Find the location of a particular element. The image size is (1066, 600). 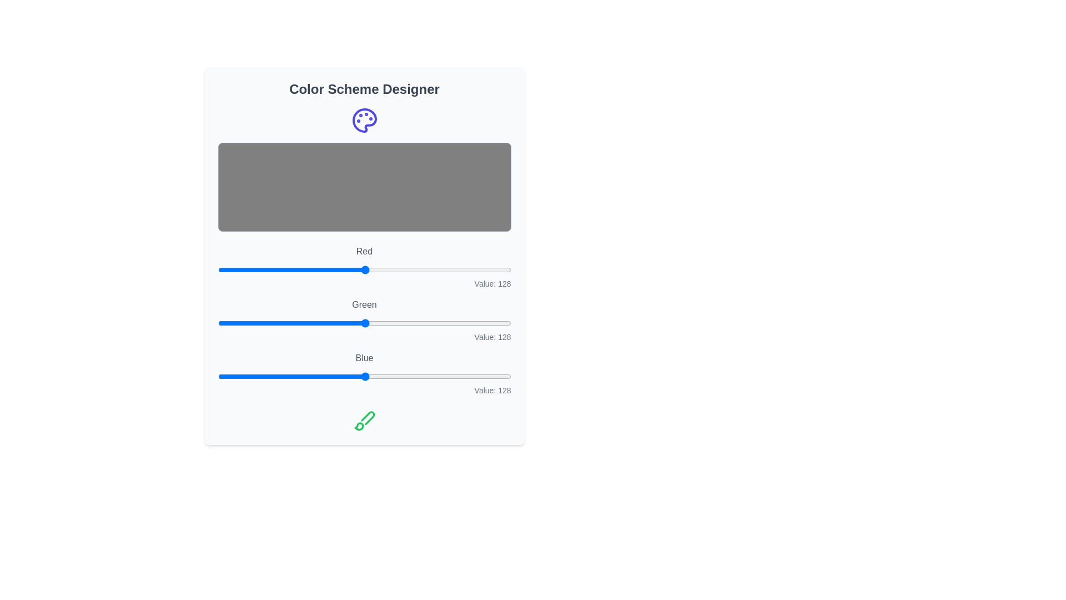

the green color value is located at coordinates (381, 323).